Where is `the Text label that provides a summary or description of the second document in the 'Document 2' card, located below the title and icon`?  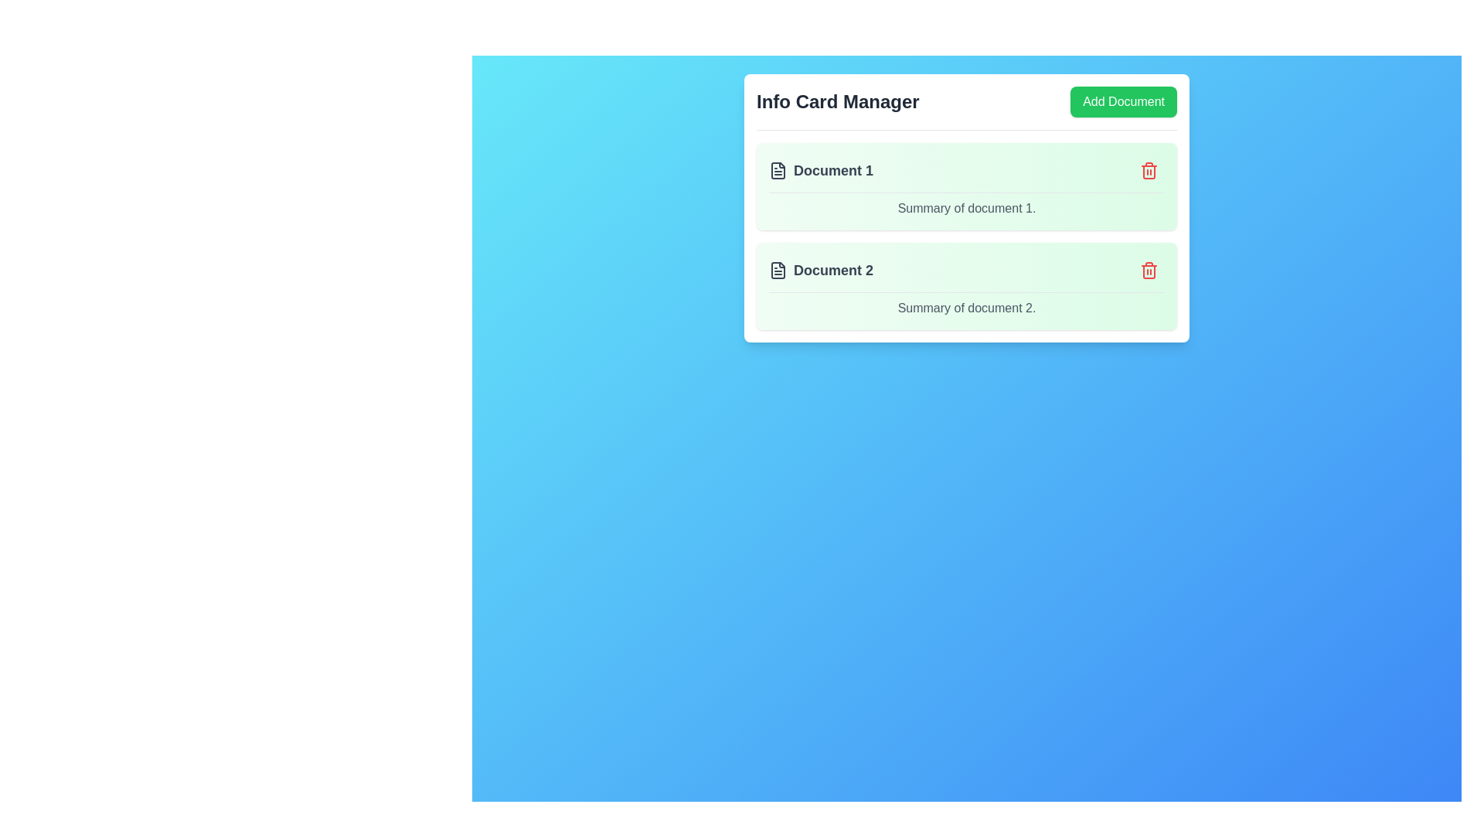
the Text label that provides a summary or description of the second document in the 'Document 2' card, located below the title and icon is located at coordinates (966, 308).